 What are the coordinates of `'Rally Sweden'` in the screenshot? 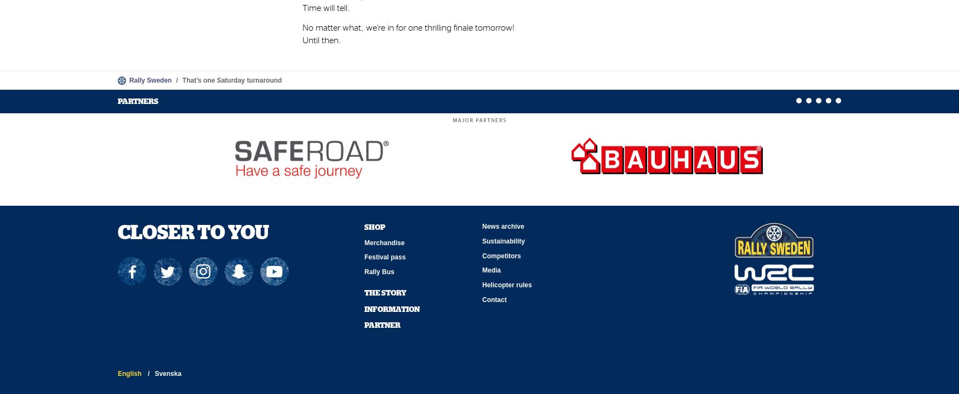 It's located at (150, 79).